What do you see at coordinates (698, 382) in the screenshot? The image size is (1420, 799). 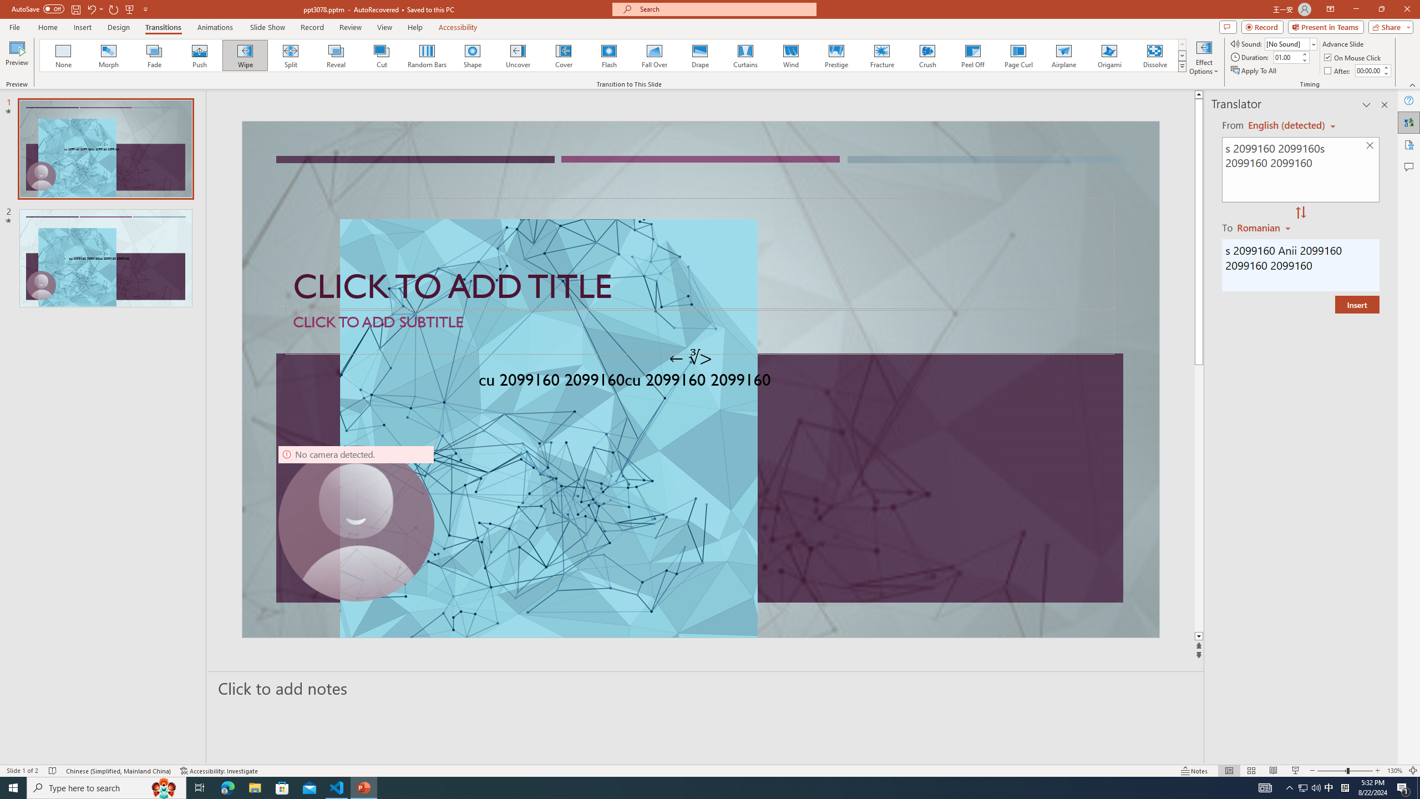 I see `'TextBox 61'` at bounding box center [698, 382].